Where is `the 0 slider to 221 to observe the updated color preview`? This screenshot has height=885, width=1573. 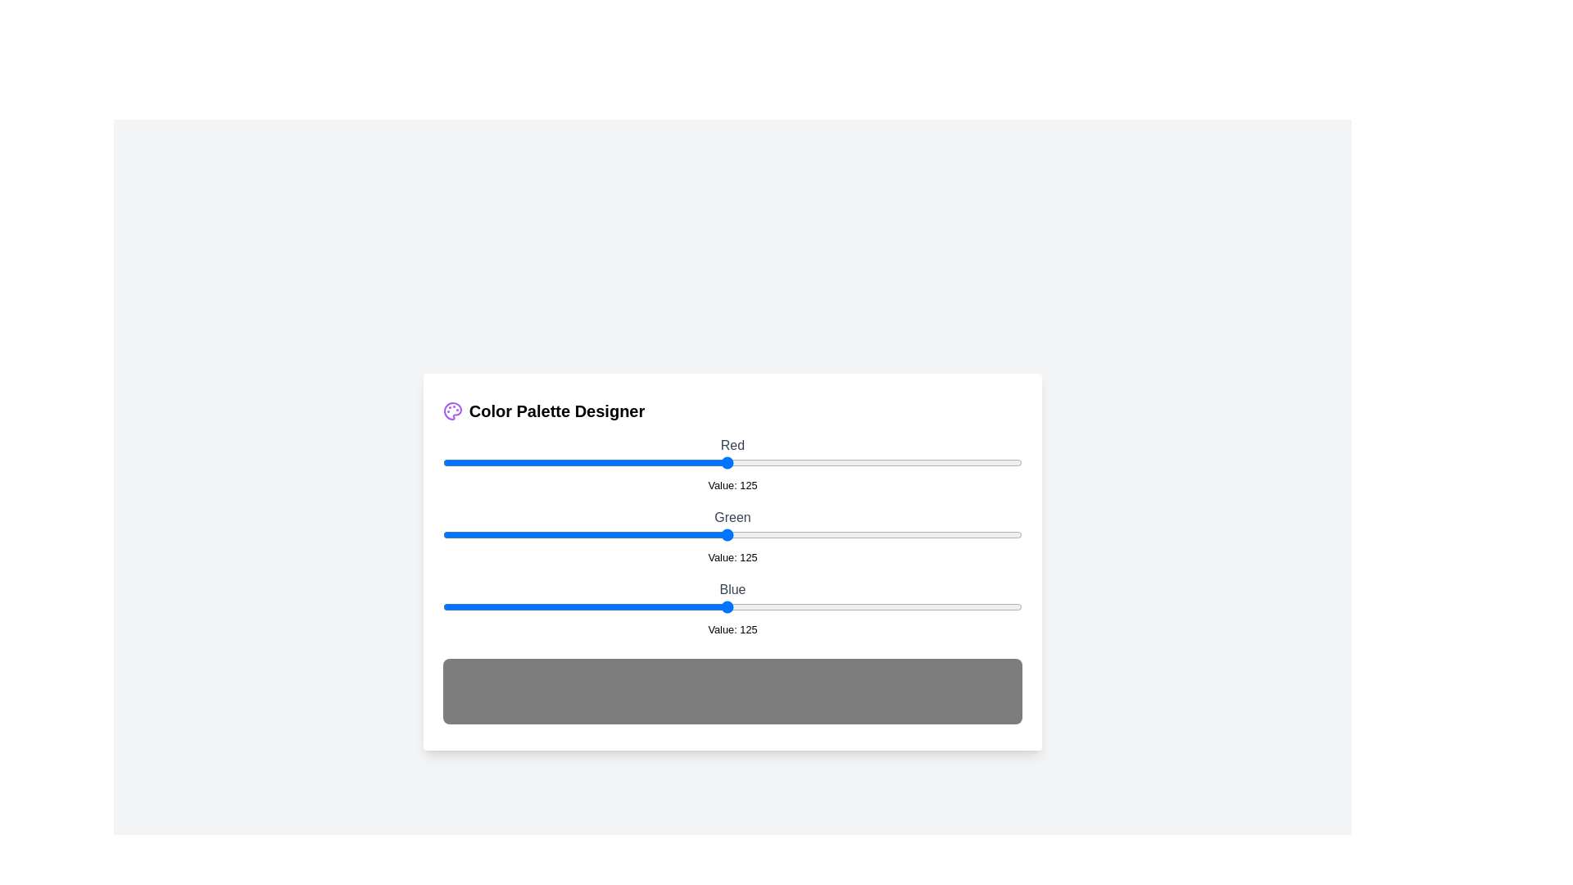 the 0 slider to 221 to observe the updated color preview is located at coordinates (945, 462).